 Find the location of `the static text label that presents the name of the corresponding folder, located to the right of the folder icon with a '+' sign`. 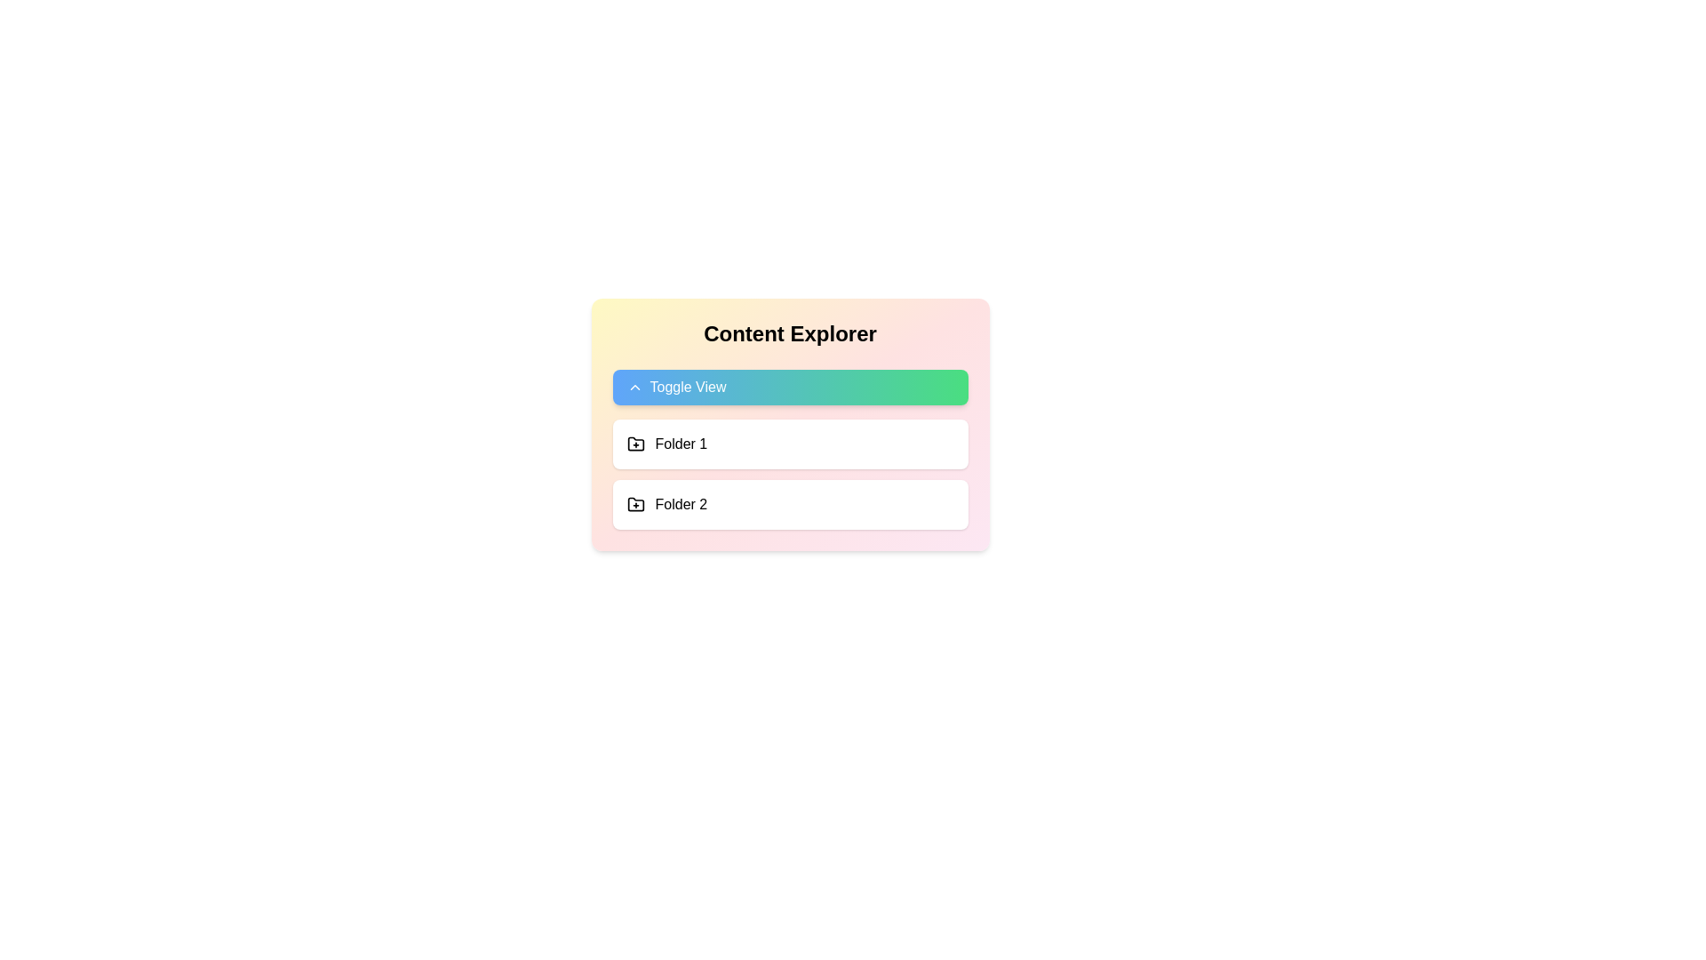

the static text label that presents the name of the corresponding folder, located to the right of the folder icon with a '+' sign is located at coordinates (680, 444).